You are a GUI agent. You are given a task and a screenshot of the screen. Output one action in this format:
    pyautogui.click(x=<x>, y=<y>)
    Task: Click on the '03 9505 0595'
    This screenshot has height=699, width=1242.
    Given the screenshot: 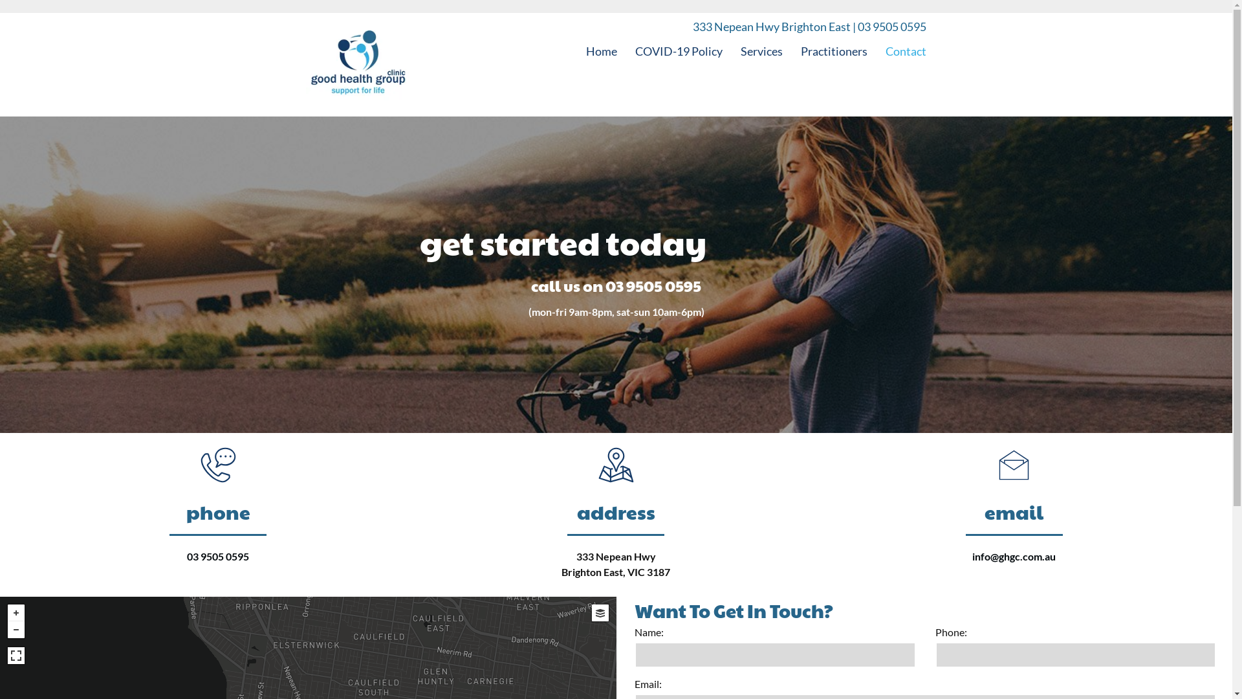 What is the action you would take?
    pyautogui.click(x=217, y=555)
    